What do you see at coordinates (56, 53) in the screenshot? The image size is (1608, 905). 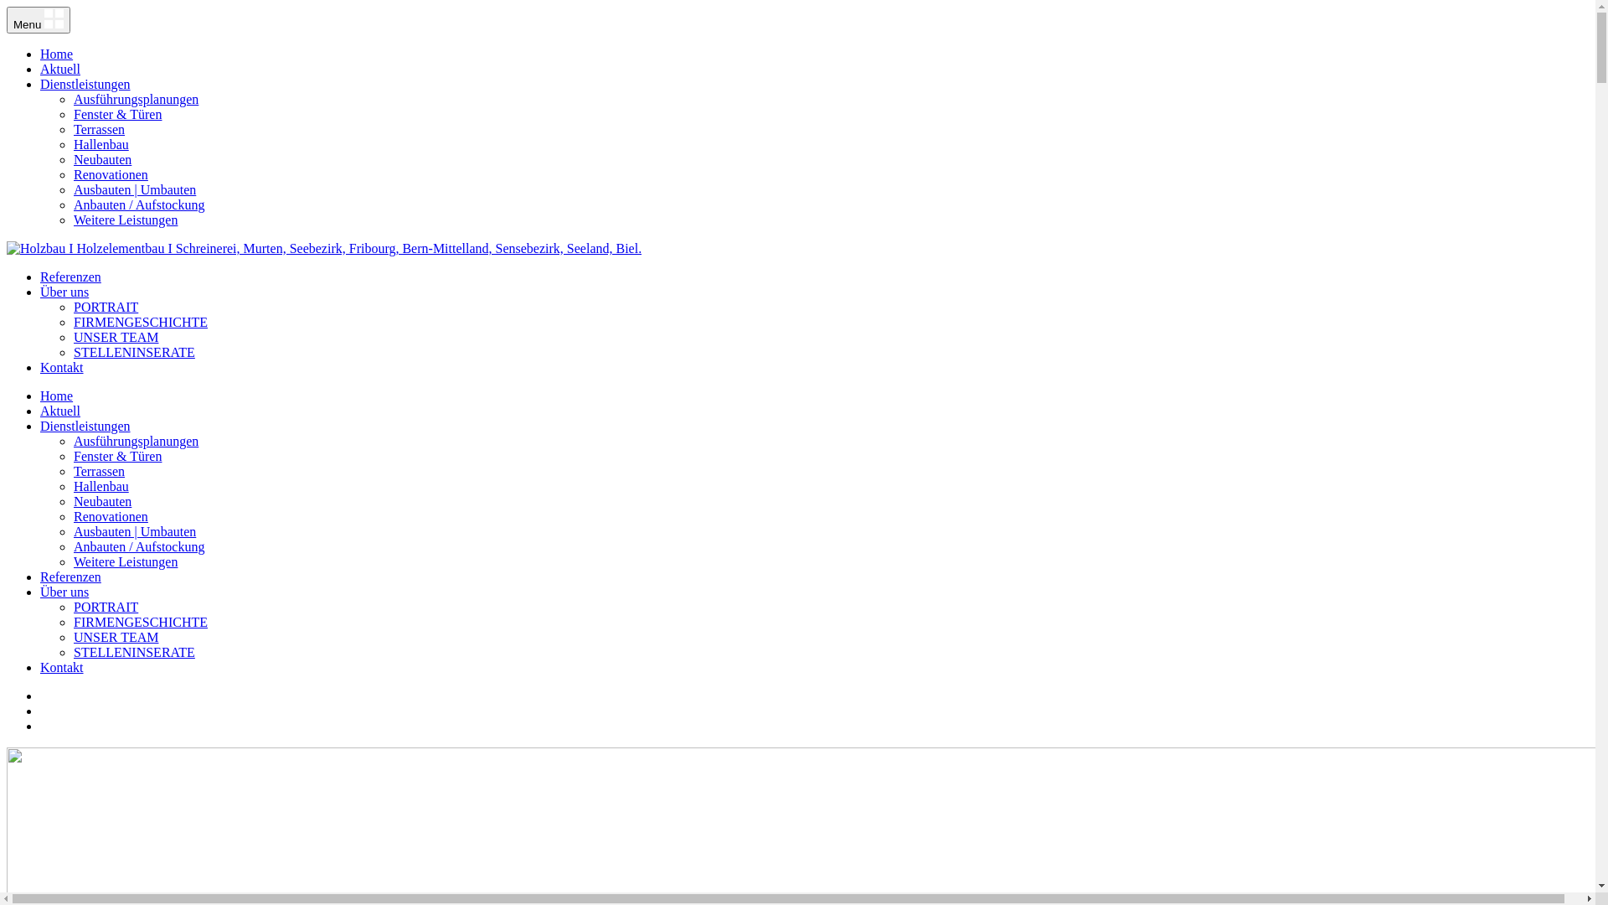 I see `'Home'` at bounding box center [56, 53].